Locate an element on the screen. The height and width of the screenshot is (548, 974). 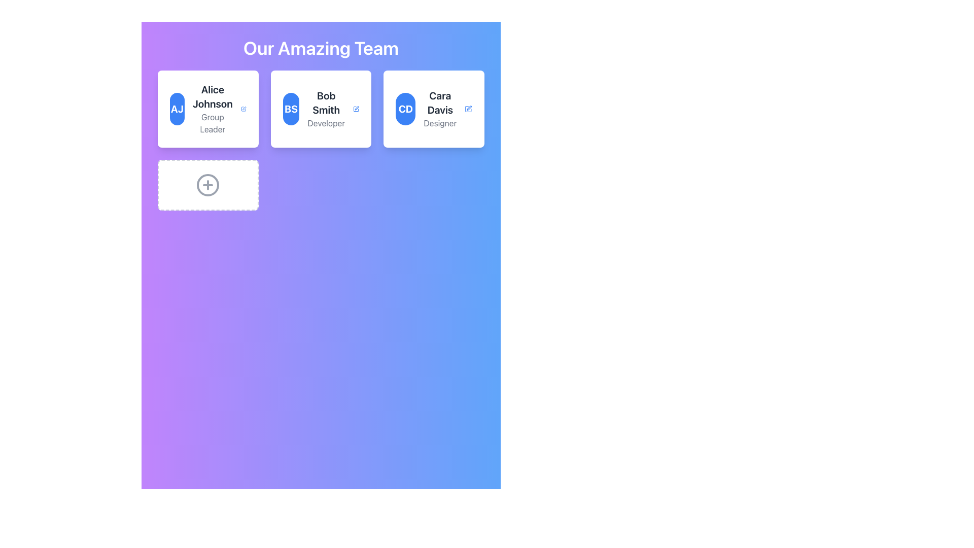
the central Profile Card representing a team member, located in the second column beneath 'Our Amazing Team' is located at coordinates (321, 141).